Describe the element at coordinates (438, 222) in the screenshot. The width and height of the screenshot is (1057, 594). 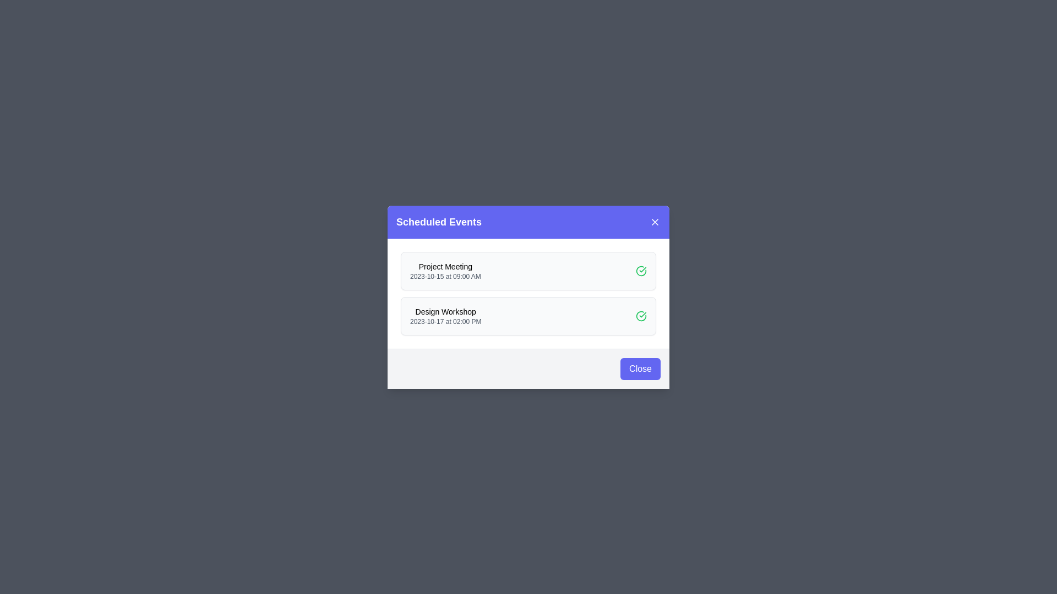
I see `the title text label of the modal, which is centered horizontally in the indigo header section and left of the close button` at that location.